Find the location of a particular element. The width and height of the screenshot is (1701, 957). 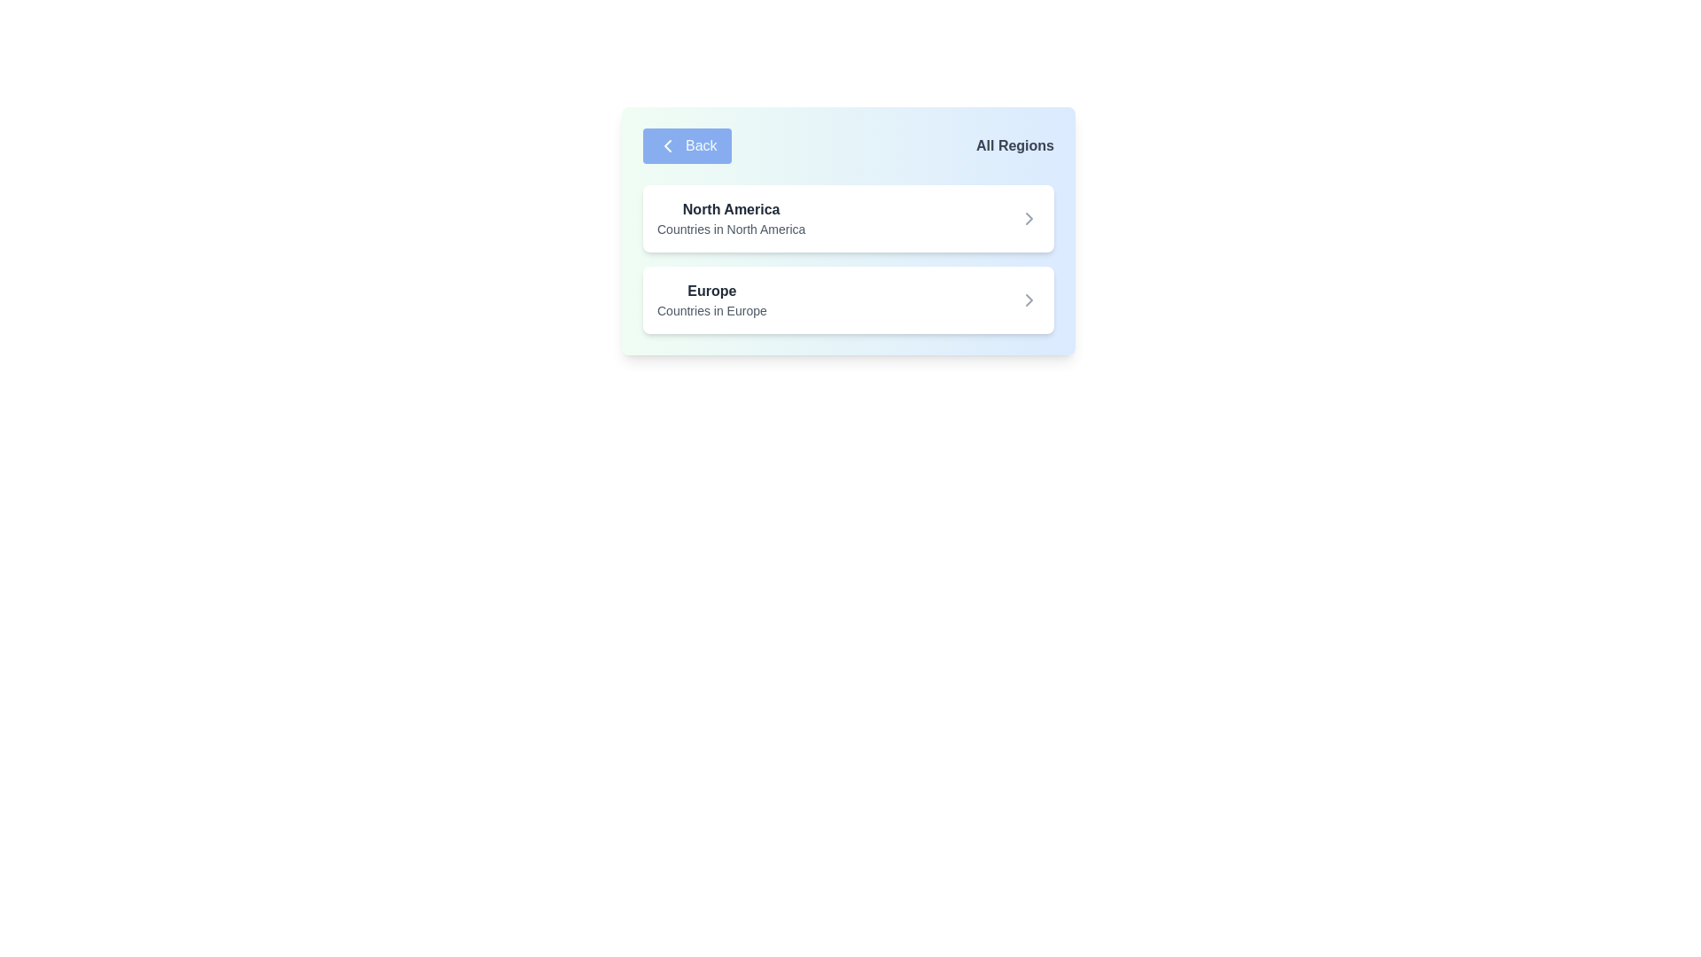

the 'Back' button which contains the left-facing chevron icon is located at coordinates (666, 145).